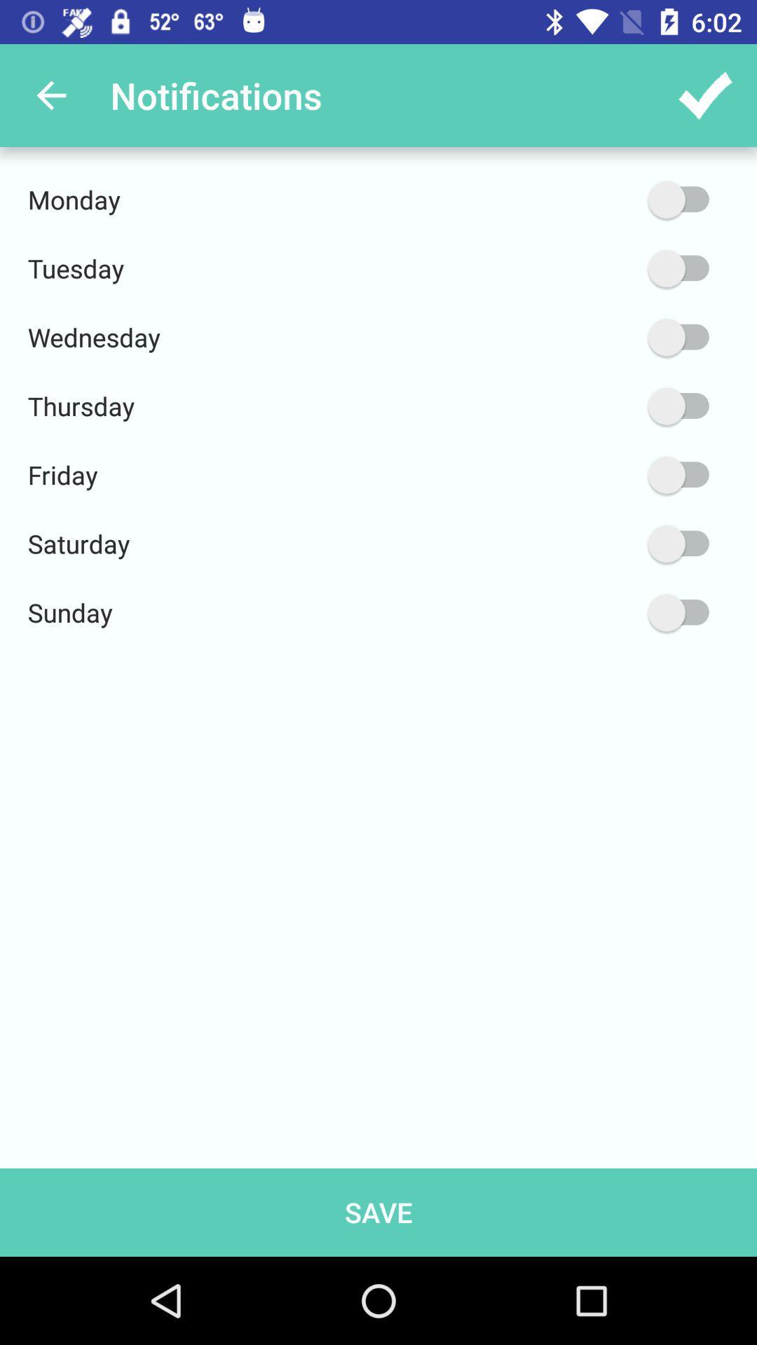  What do you see at coordinates (611, 406) in the screenshot?
I see `on thursday` at bounding box center [611, 406].